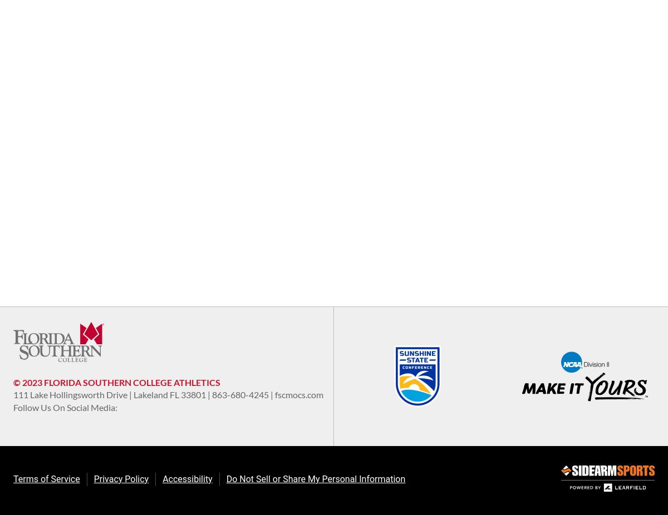  What do you see at coordinates (110, 394) in the screenshot?
I see `'111 Lake Hollingsworth Drive | Lakeland FL 33801'` at bounding box center [110, 394].